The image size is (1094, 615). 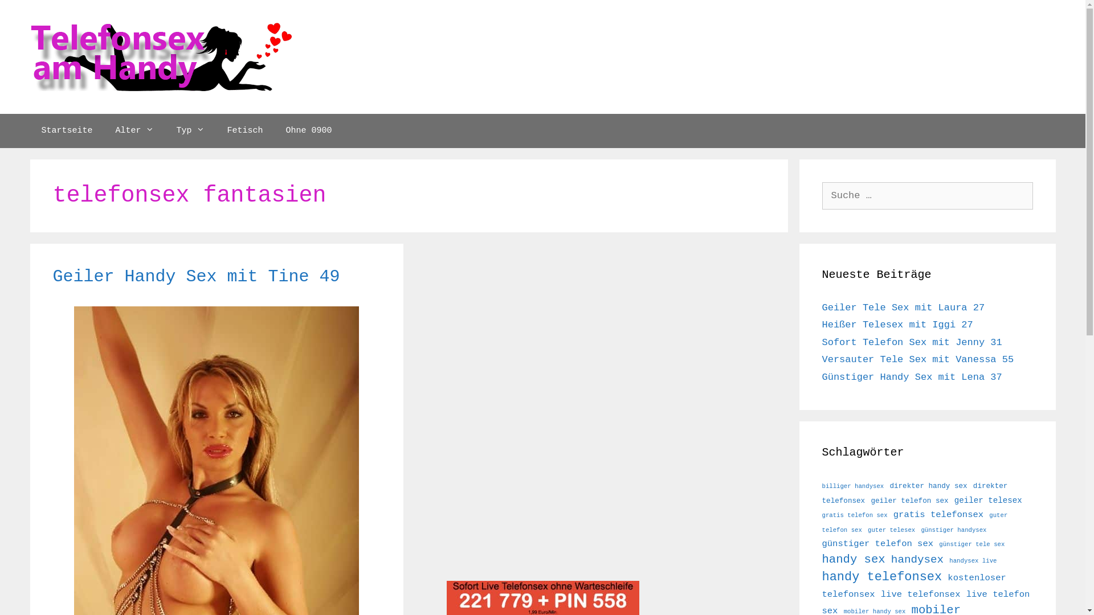 What do you see at coordinates (853, 558) in the screenshot?
I see `'handy sex'` at bounding box center [853, 558].